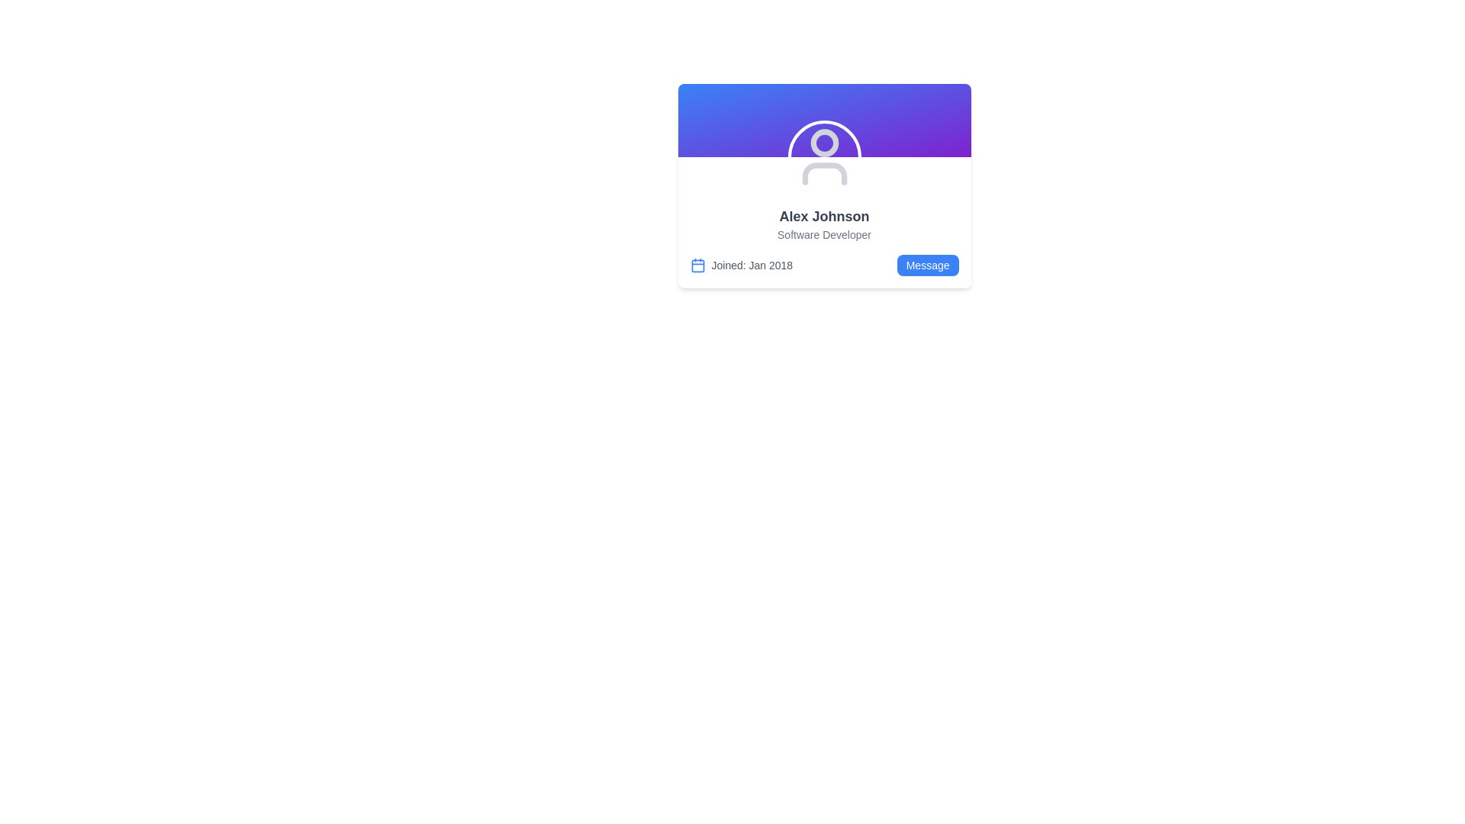 The height and width of the screenshot is (824, 1465). I want to click on the circular avatar display area, which features a gray user silhouette icon, so click(823, 156).